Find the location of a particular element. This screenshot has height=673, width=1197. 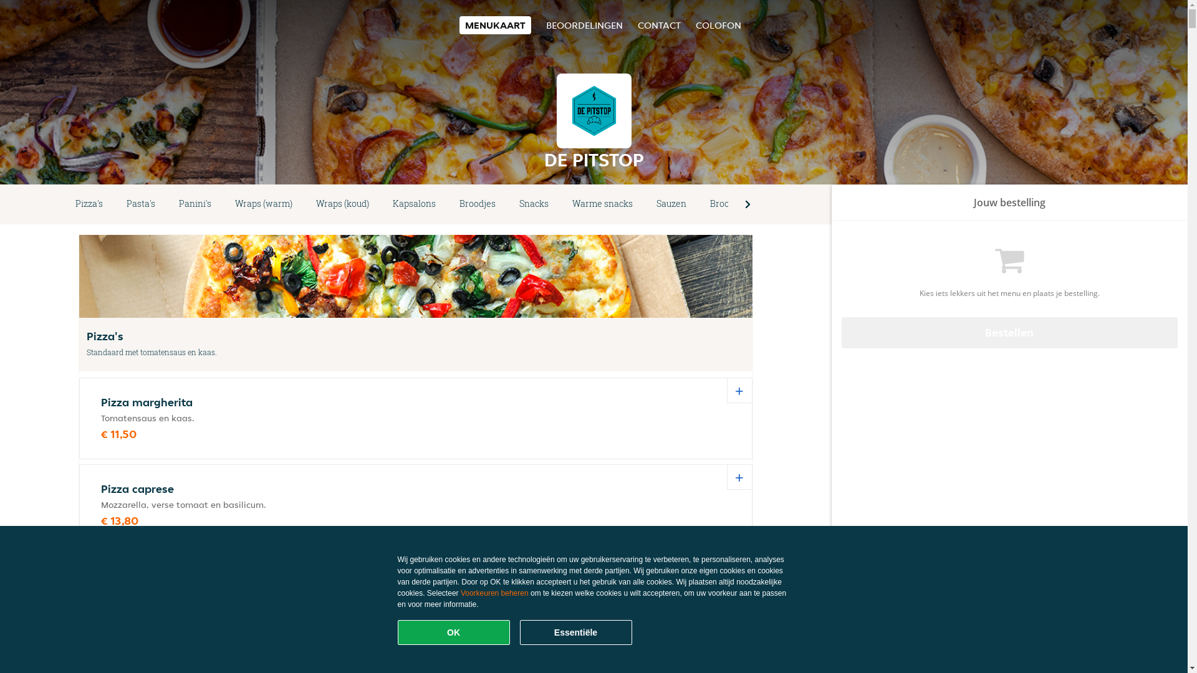

'OK' is located at coordinates (453, 632).